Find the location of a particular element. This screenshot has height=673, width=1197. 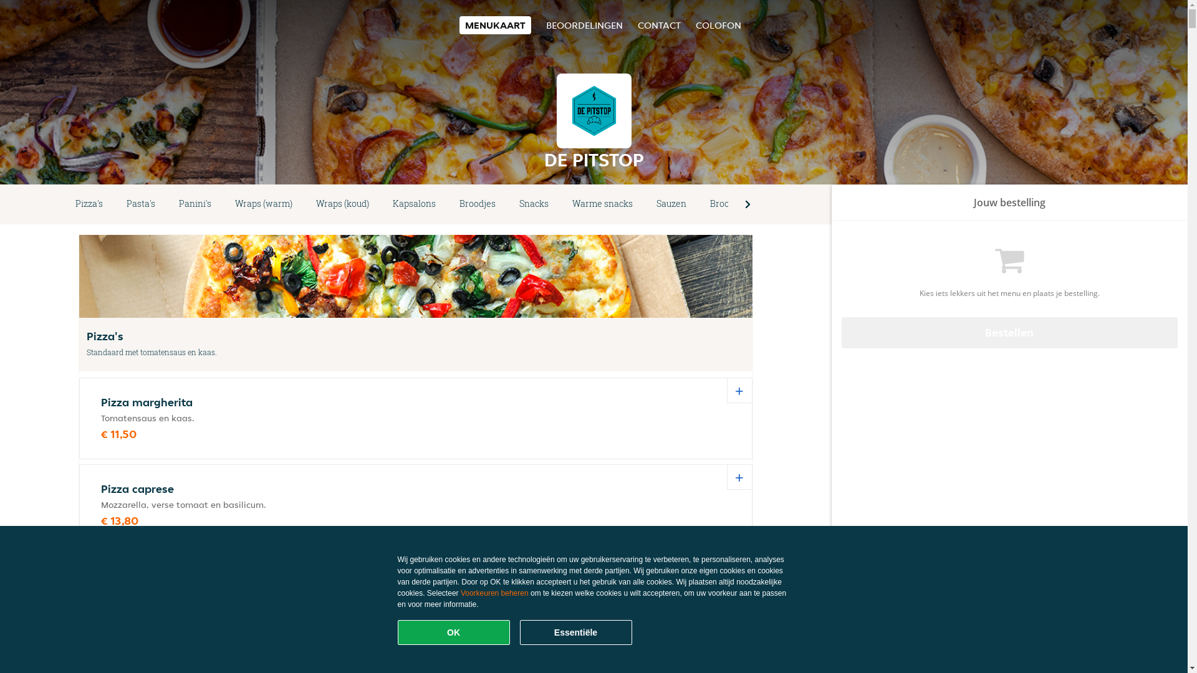

'OK' is located at coordinates (453, 632).